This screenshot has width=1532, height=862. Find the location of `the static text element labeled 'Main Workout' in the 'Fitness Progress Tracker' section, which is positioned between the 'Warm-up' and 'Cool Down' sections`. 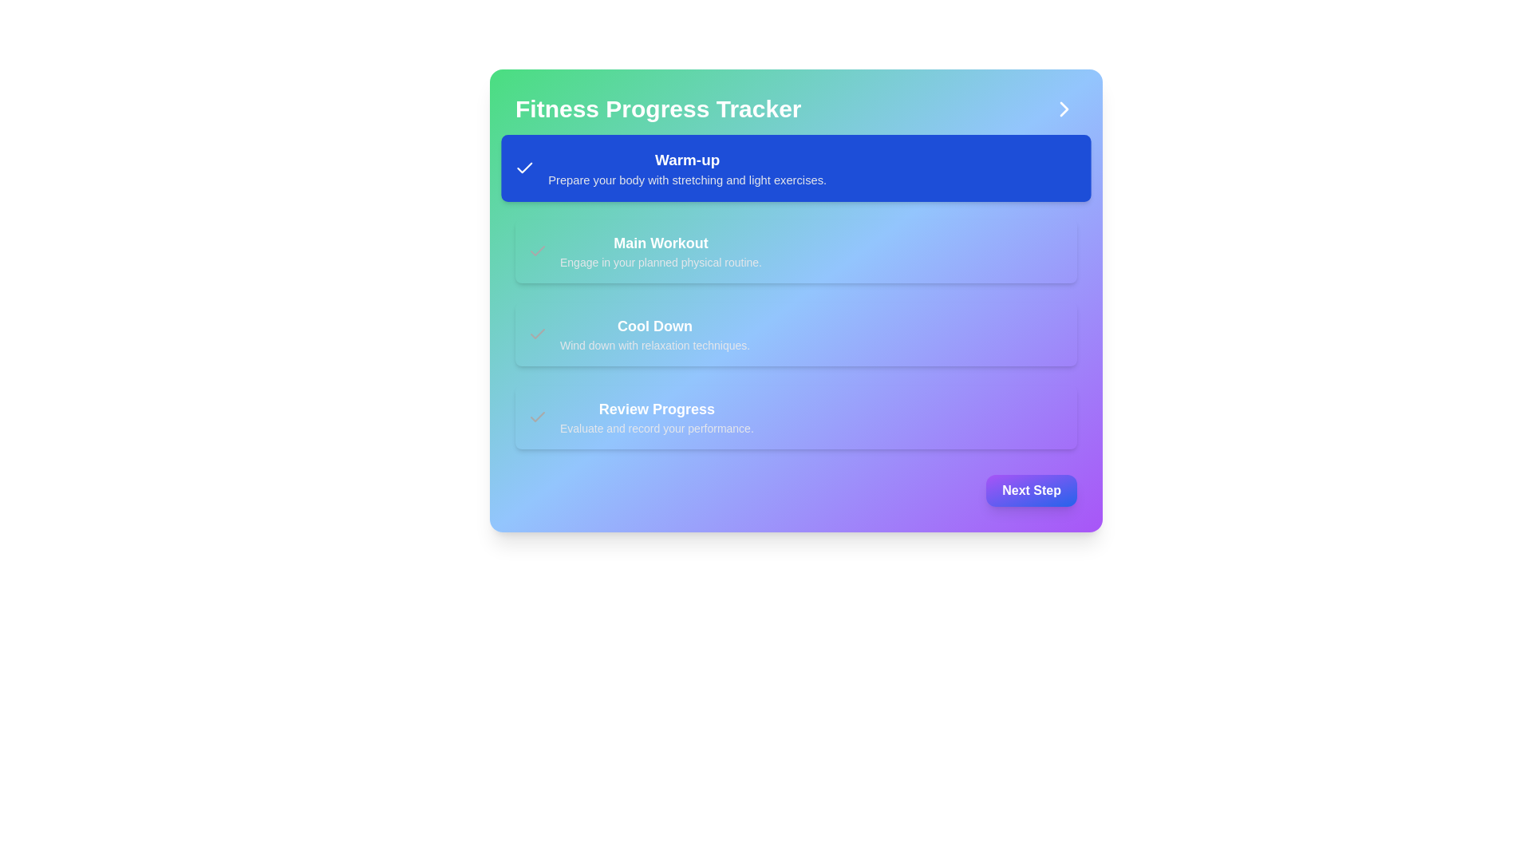

the static text element labeled 'Main Workout' in the 'Fitness Progress Tracker' section, which is positioned between the 'Warm-up' and 'Cool Down' sections is located at coordinates (661, 251).